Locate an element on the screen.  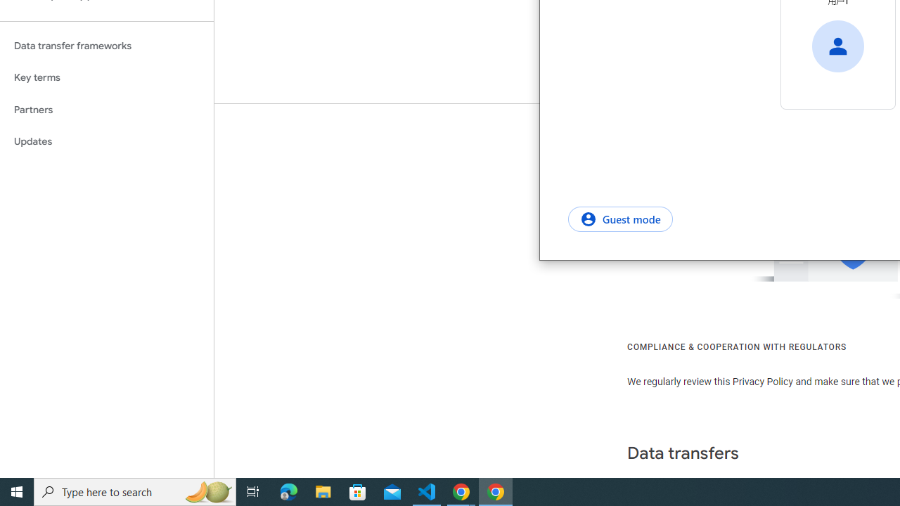
'Google Chrome - 1 running window' is located at coordinates (496, 491).